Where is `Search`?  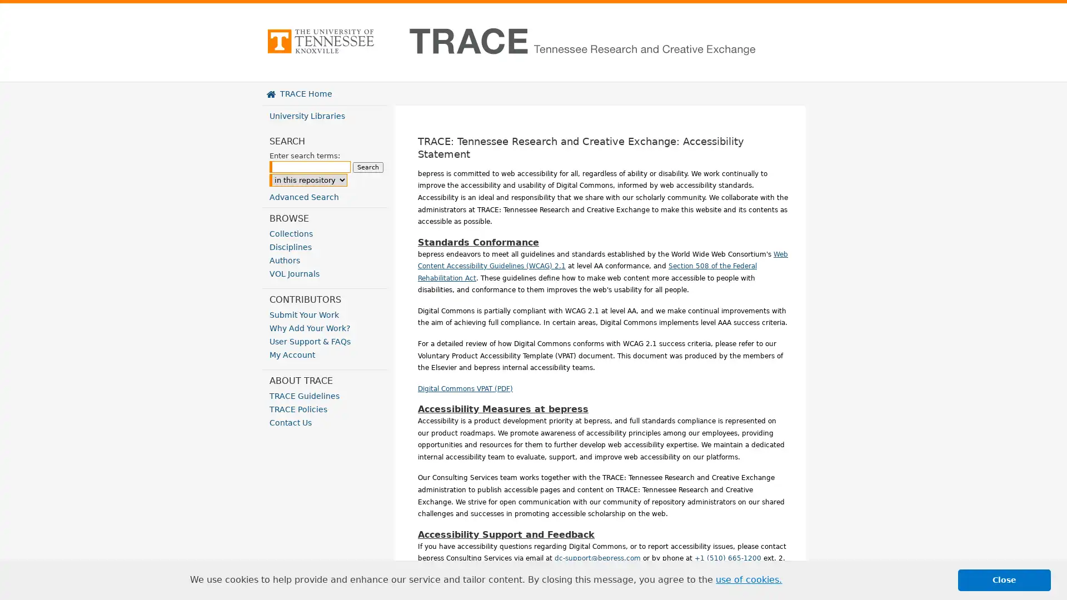
Search is located at coordinates (368, 167).